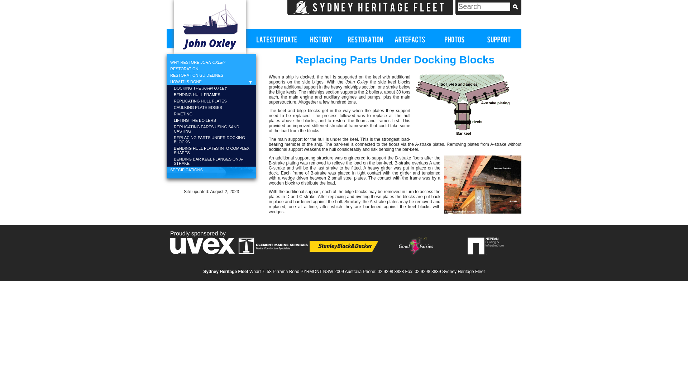 The width and height of the screenshot is (688, 387). I want to click on 'CAULKING PLATE EDGES', so click(211, 107).